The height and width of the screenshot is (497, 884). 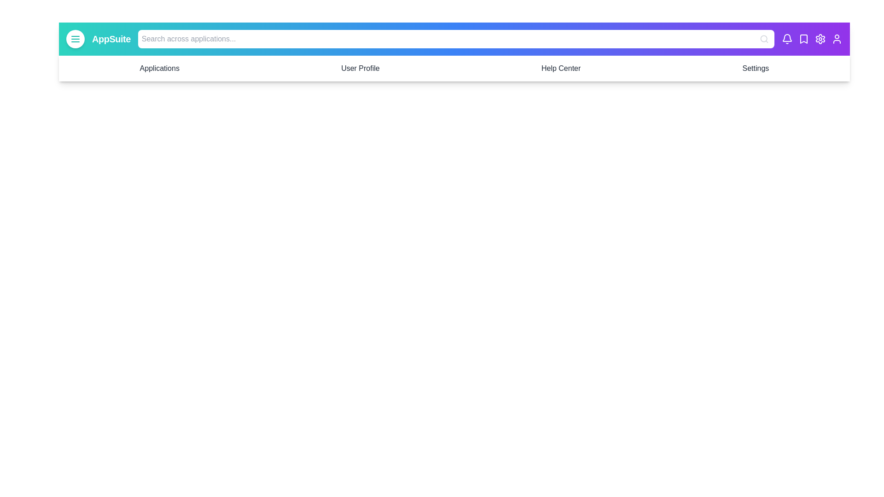 I want to click on the User Profile navigation menu item to navigate, so click(x=360, y=68).